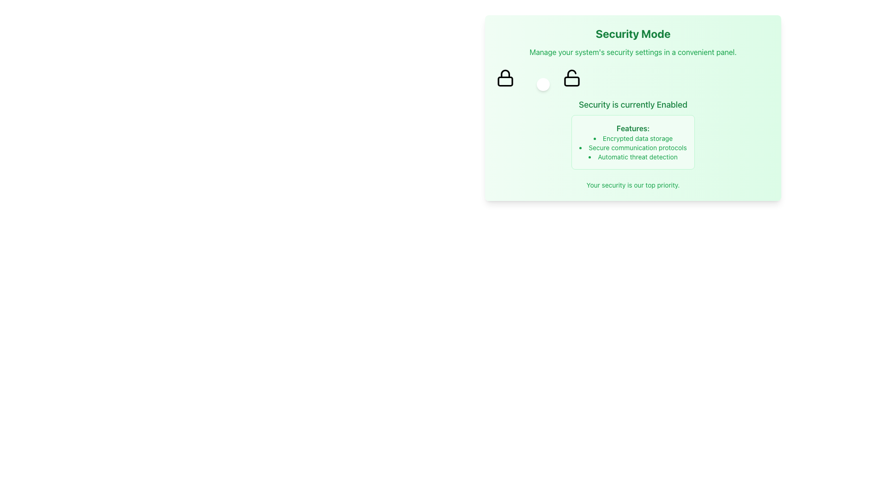 The image size is (887, 499). What do you see at coordinates (632, 78) in the screenshot?
I see `the toggle switch in the IconRow located beneath the 'Manage your system's security settings in a convenient panel.' subtitle to change the security state` at bounding box center [632, 78].